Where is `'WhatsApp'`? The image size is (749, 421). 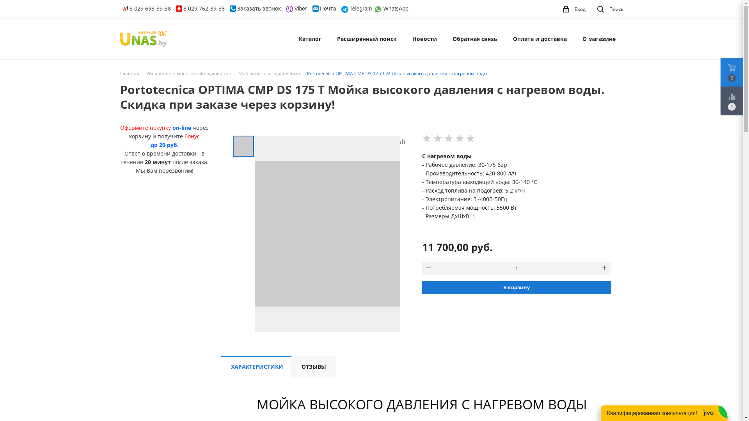
'WhatsApp' is located at coordinates (374, 9).